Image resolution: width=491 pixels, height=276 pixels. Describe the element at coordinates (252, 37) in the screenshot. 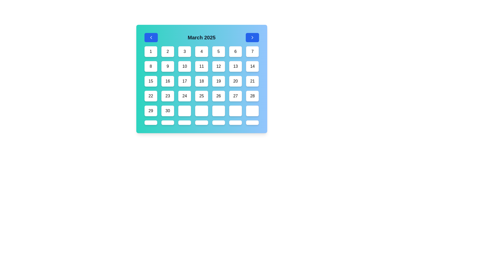

I see `the rounded rectangular blue button with a gradient effect in the header section of the calendar interface, located to the far right of the title text 'March 2025'` at that location.